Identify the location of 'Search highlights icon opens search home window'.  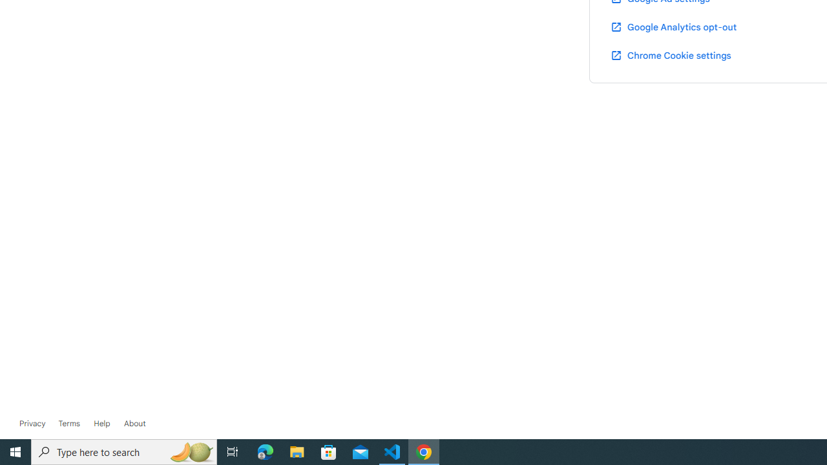
(190, 451).